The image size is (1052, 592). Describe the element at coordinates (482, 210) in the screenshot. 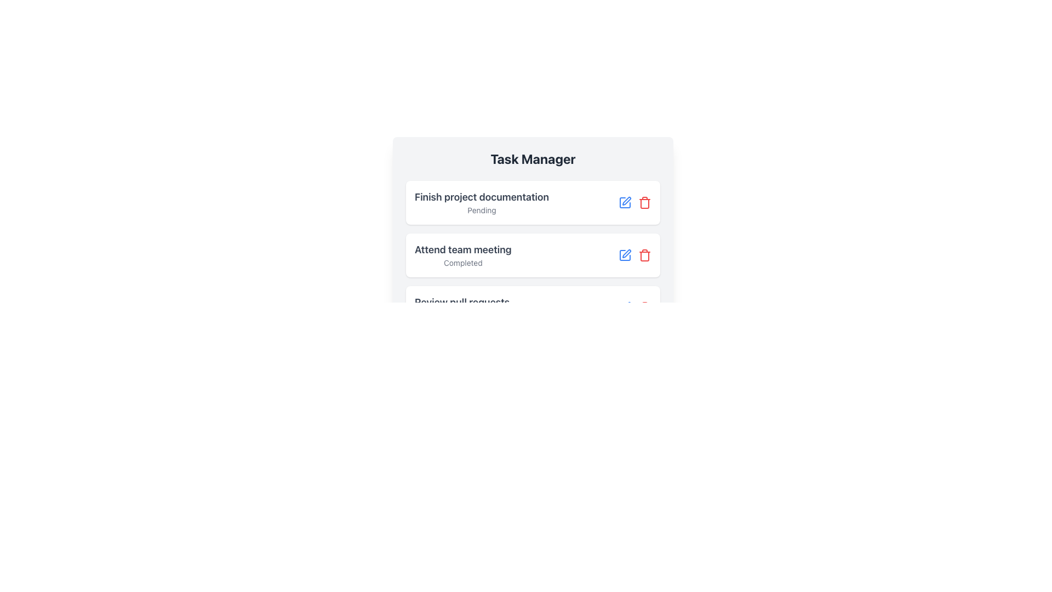

I see `the static text label indicating the status of the task, which shows that it is still pending, positioned directly below the 'Finish project documentation' text in the top task card` at that location.